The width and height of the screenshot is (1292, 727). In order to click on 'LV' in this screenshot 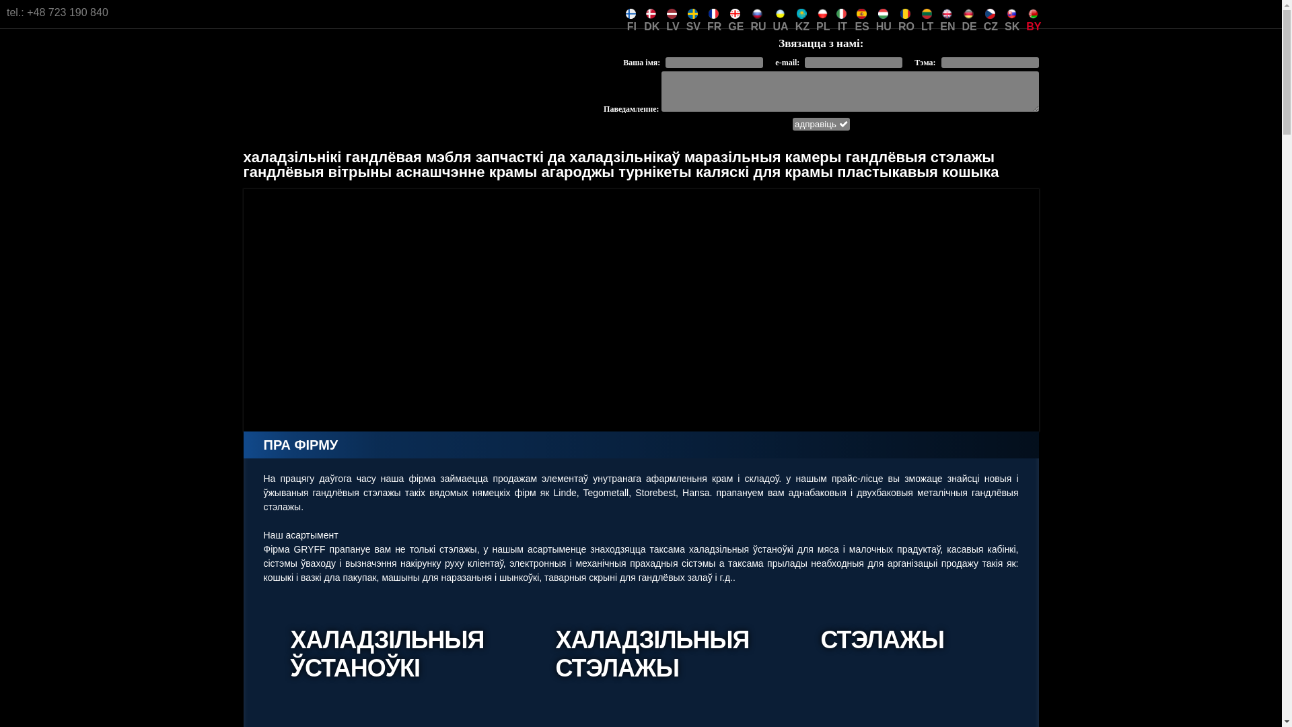, I will do `click(672, 13)`.